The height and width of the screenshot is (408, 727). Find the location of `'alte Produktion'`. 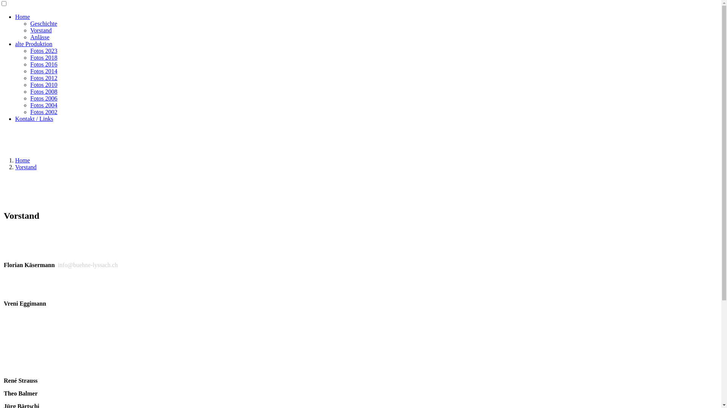

'alte Produktion' is located at coordinates (33, 44).